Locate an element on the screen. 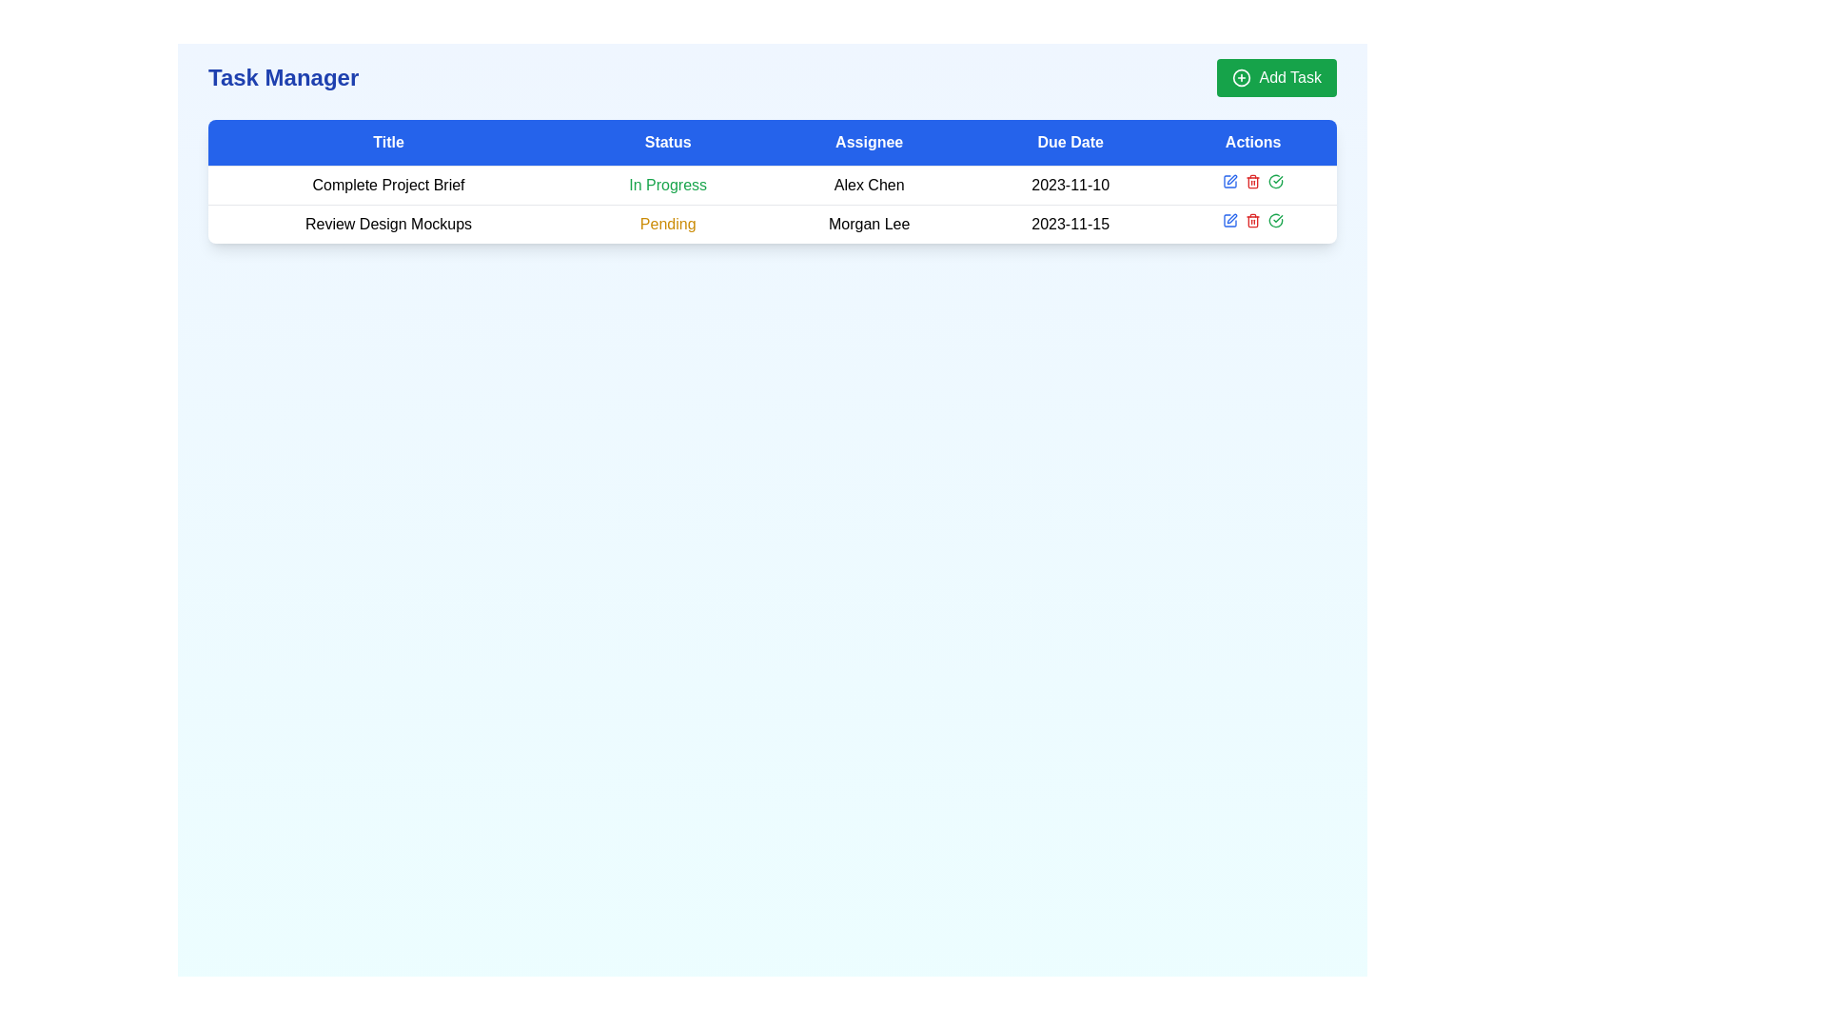 The image size is (1827, 1028). the text label indicating the current status of the task as 'Pending', located under the 'Status' column in the task management table is located at coordinates (668, 223).